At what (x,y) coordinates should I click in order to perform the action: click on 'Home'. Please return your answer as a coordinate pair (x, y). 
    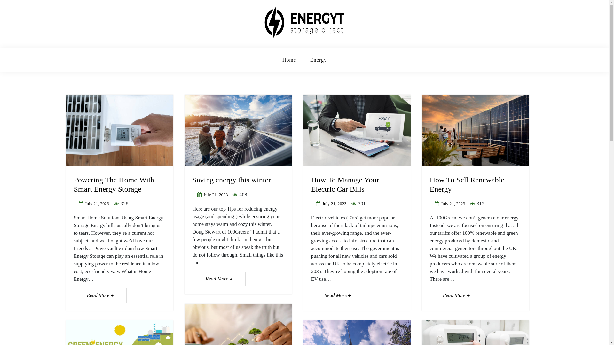
    Looking at the image, I should click on (289, 60).